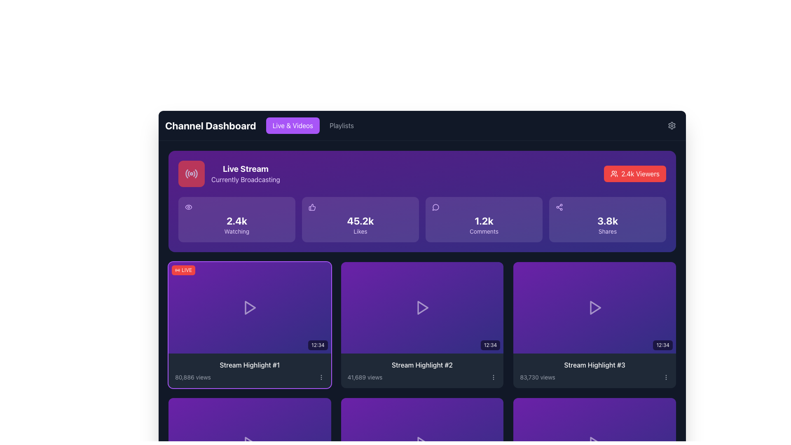 This screenshot has height=445, width=791. I want to click on the clickable video thumbnail displaying the duration '12:34', so click(422, 308).